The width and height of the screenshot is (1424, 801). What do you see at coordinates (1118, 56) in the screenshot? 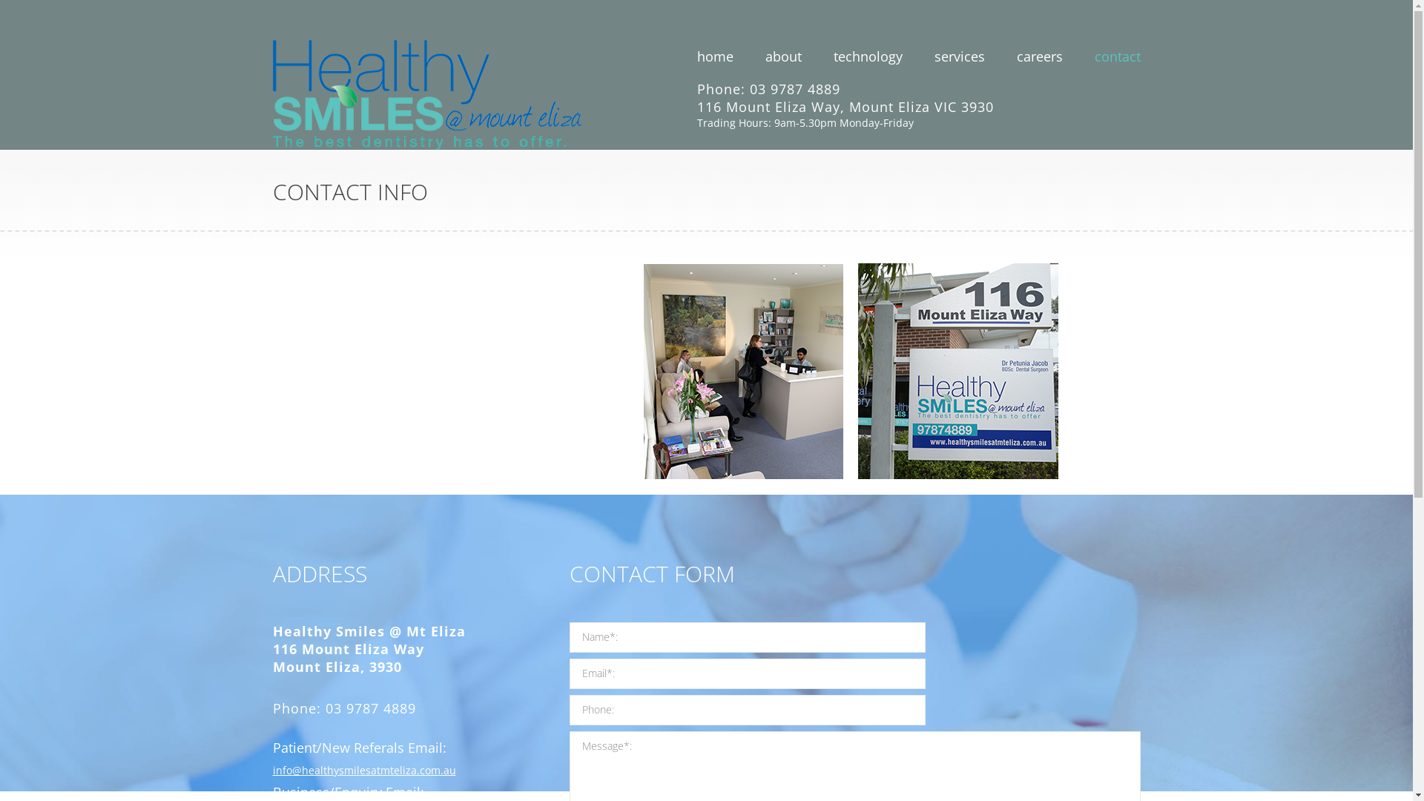
I see `'contact'` at bounding box center [1118, 56].